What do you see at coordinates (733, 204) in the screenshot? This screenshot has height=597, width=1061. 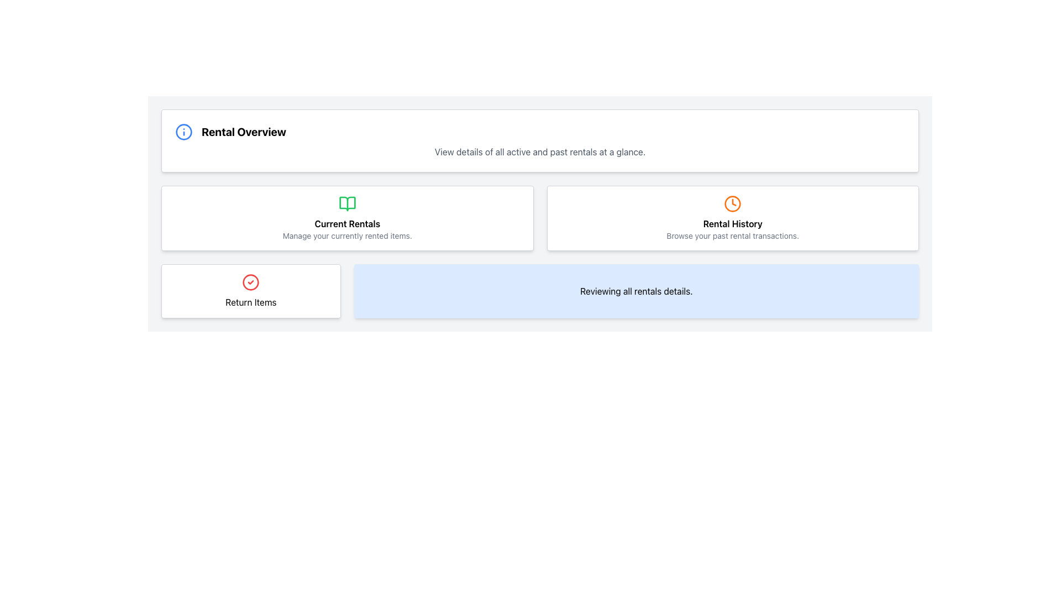 I see `the rental history icon located on the right side of the middle row of cards, above the 'Rental History' heading` at bounding box center [733, 204].